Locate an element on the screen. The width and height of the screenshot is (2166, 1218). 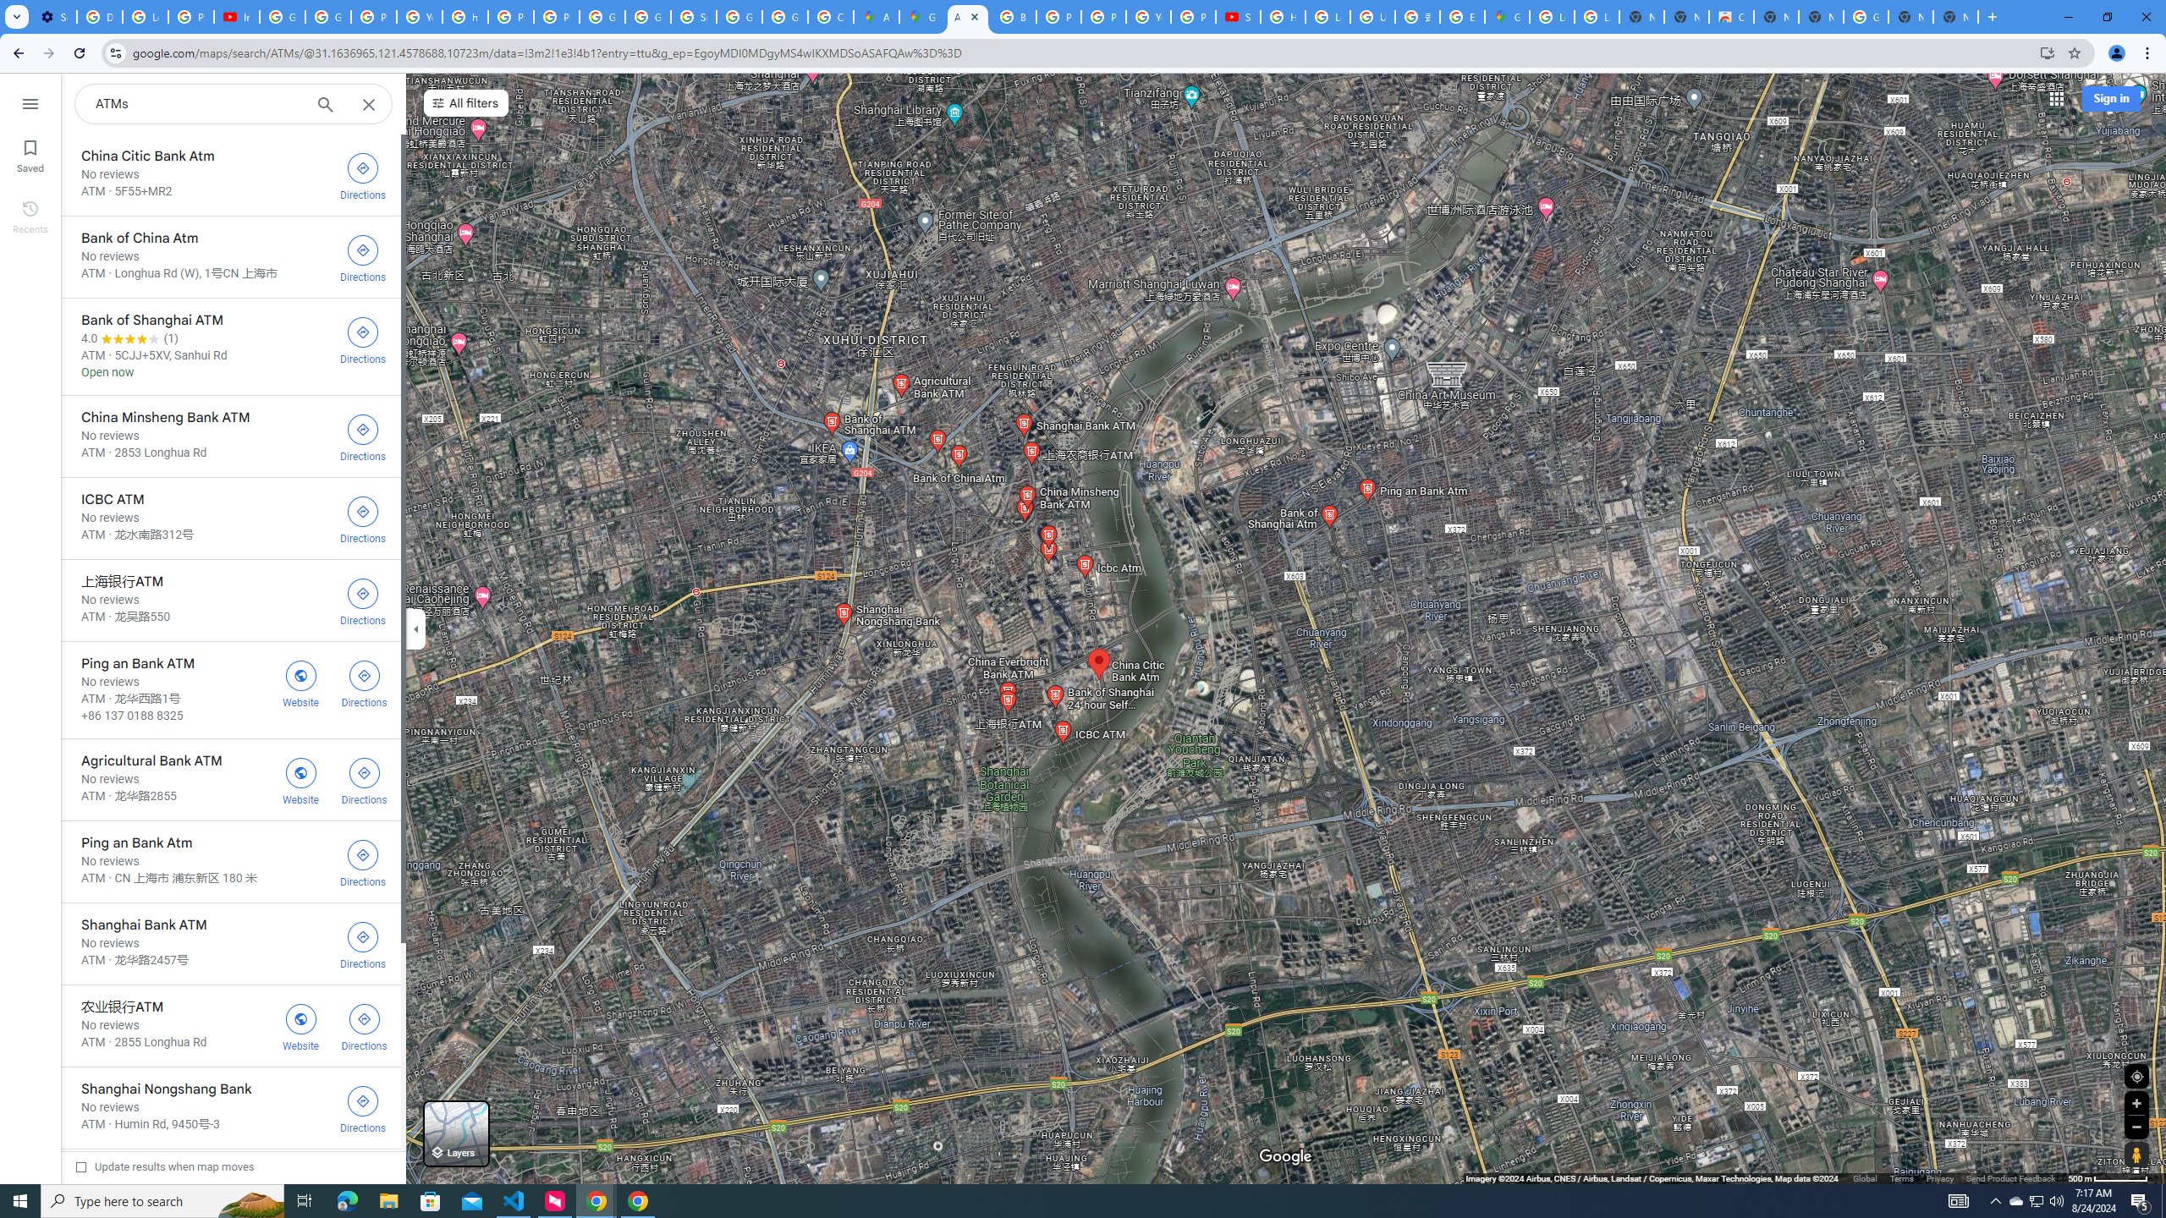
'Settings - Customize profile' is located at coordinates (54, 16).